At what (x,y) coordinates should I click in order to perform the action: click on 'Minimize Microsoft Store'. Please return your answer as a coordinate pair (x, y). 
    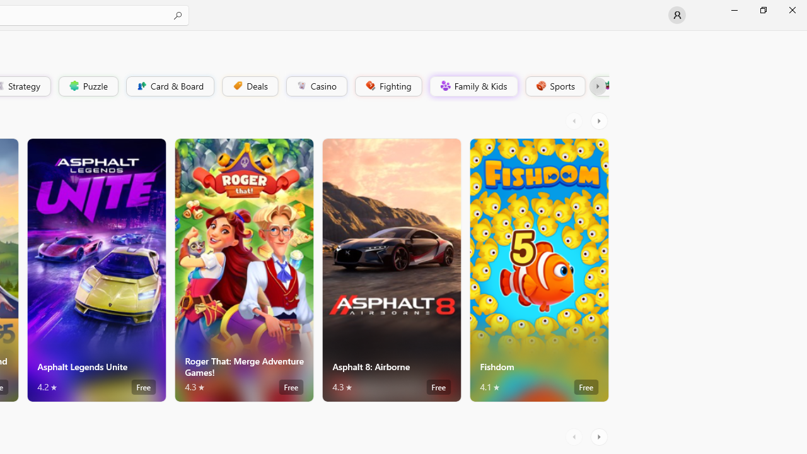
    Looking at the image, I should click on (734, 9).